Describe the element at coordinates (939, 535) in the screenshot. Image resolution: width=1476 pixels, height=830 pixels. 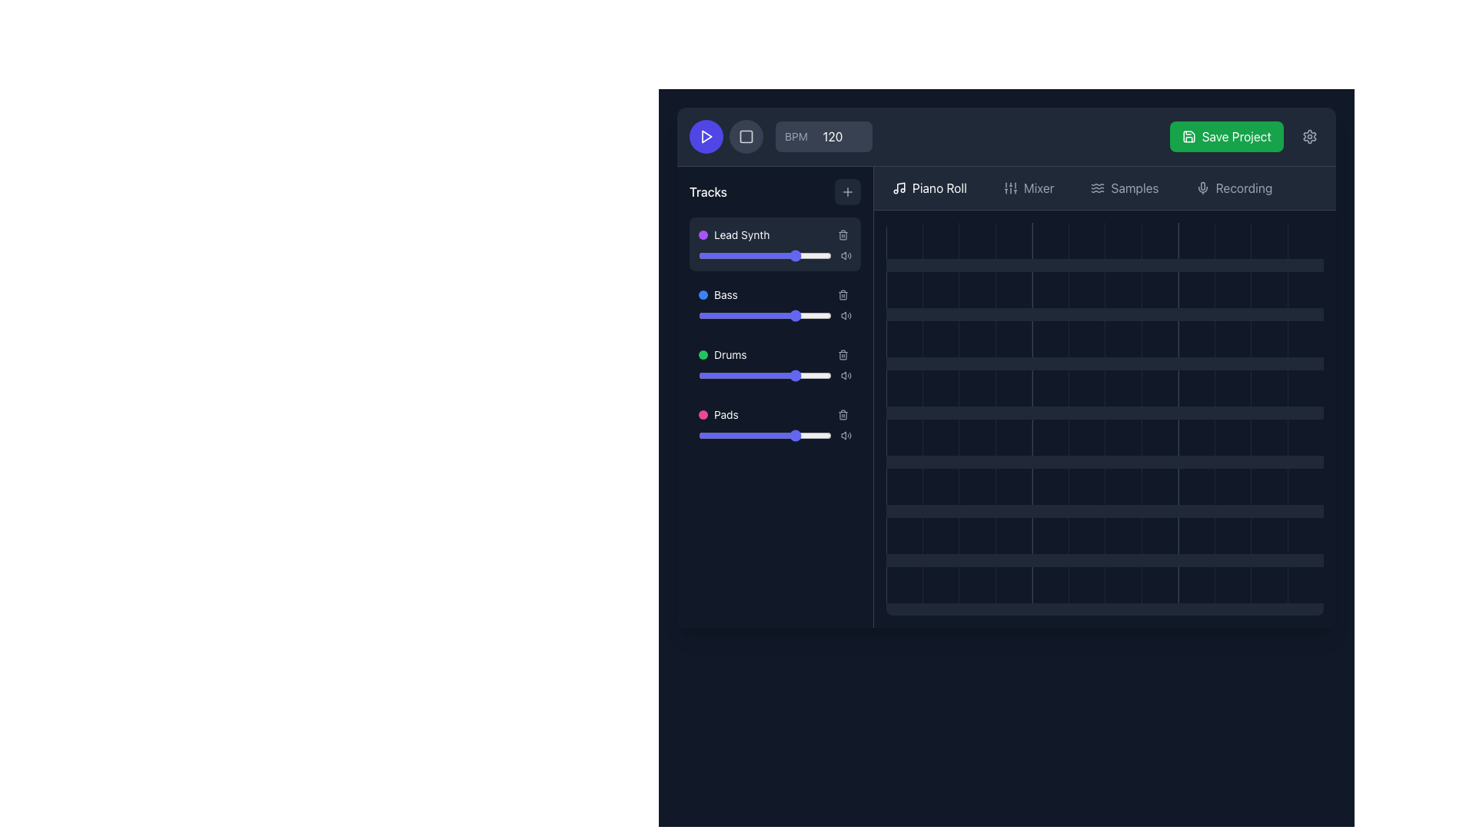
I see `the dark gray Grid Cell located in the 6th row and 2nd column of the grid structure beneath the 'Tracks' section` at that location.